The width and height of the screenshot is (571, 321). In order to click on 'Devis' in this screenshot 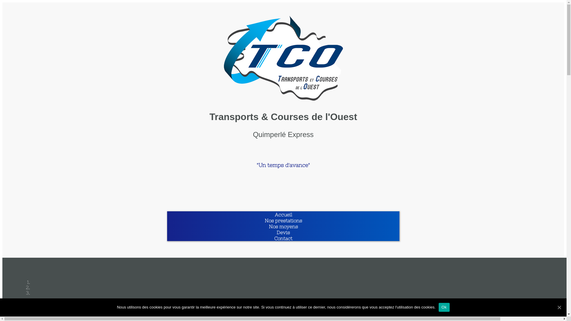, I will do `click(283, 232)`.